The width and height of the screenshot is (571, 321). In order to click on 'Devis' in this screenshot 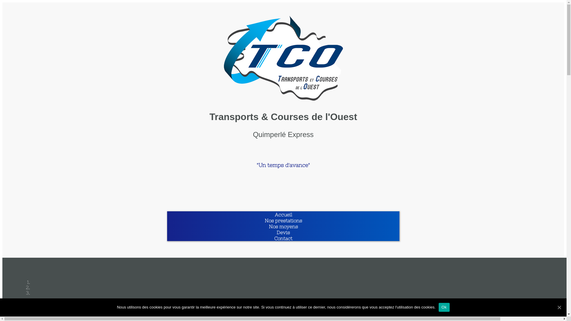, I will do `click(283, 232)`.